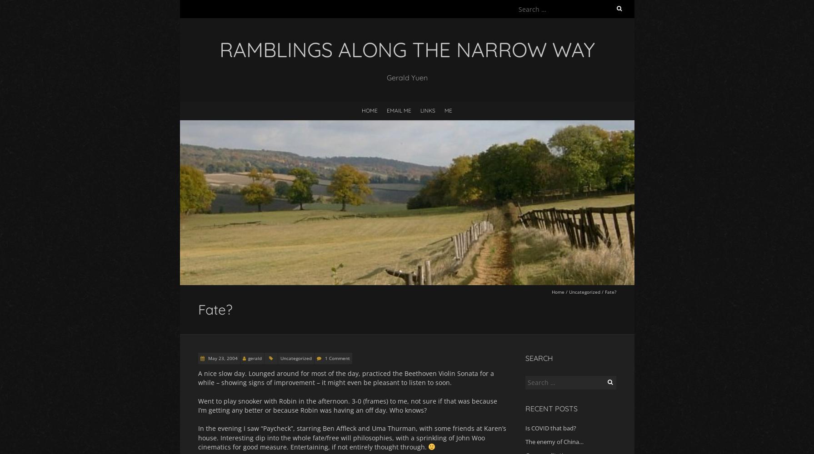  Describe the element at coordinates (406, 77) in the screenshot. I see `'Gerald Yuen'` at that location.